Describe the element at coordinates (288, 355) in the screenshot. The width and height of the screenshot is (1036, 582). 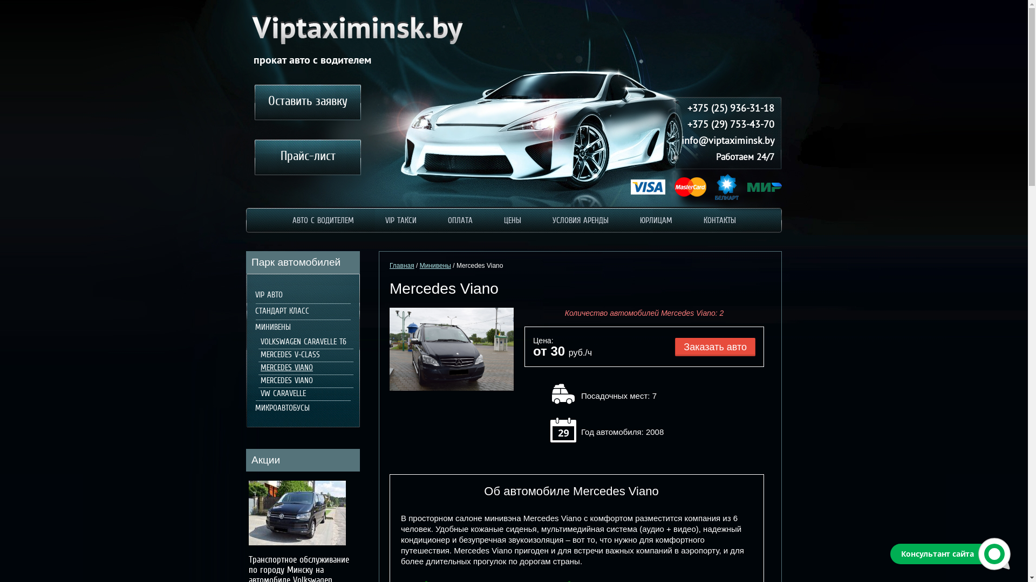
I see `'MERCEDES V-CLASS'` at that location.